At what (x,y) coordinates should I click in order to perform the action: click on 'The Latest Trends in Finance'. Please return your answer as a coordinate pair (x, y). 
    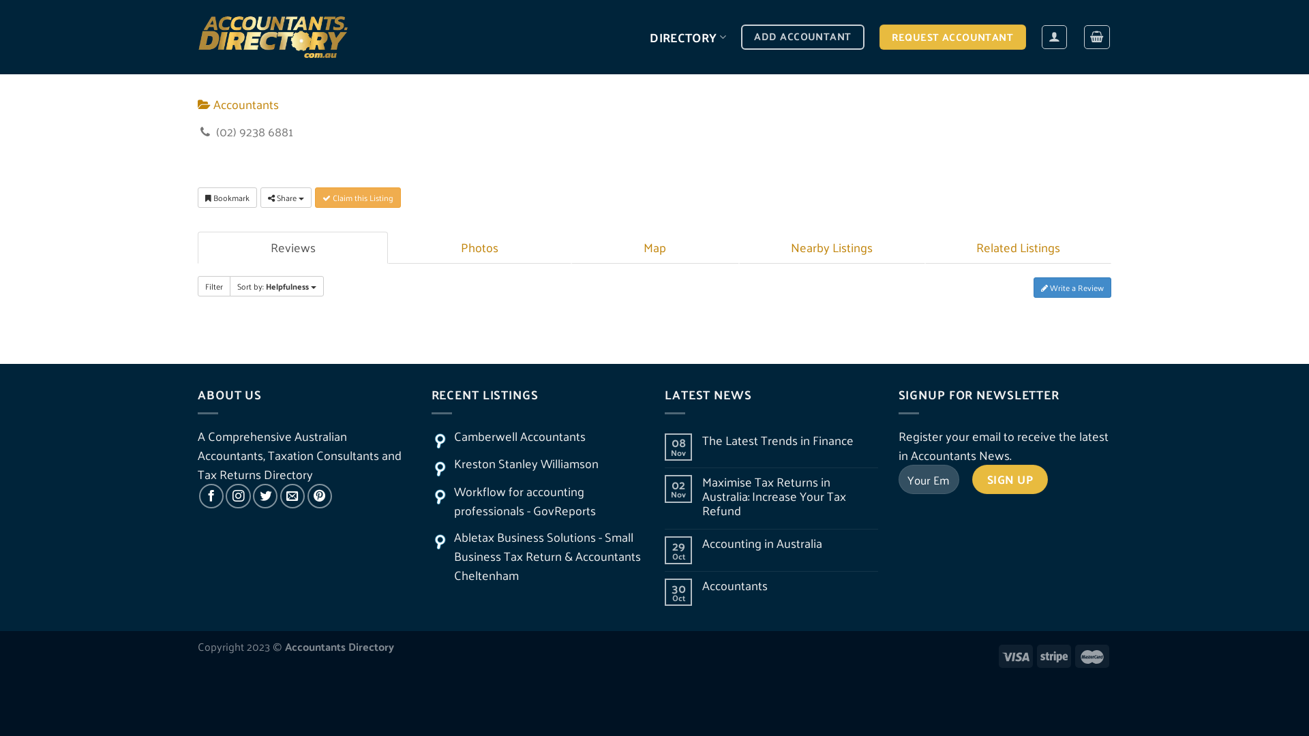
    Looking at the image, I should click on (789, 440).